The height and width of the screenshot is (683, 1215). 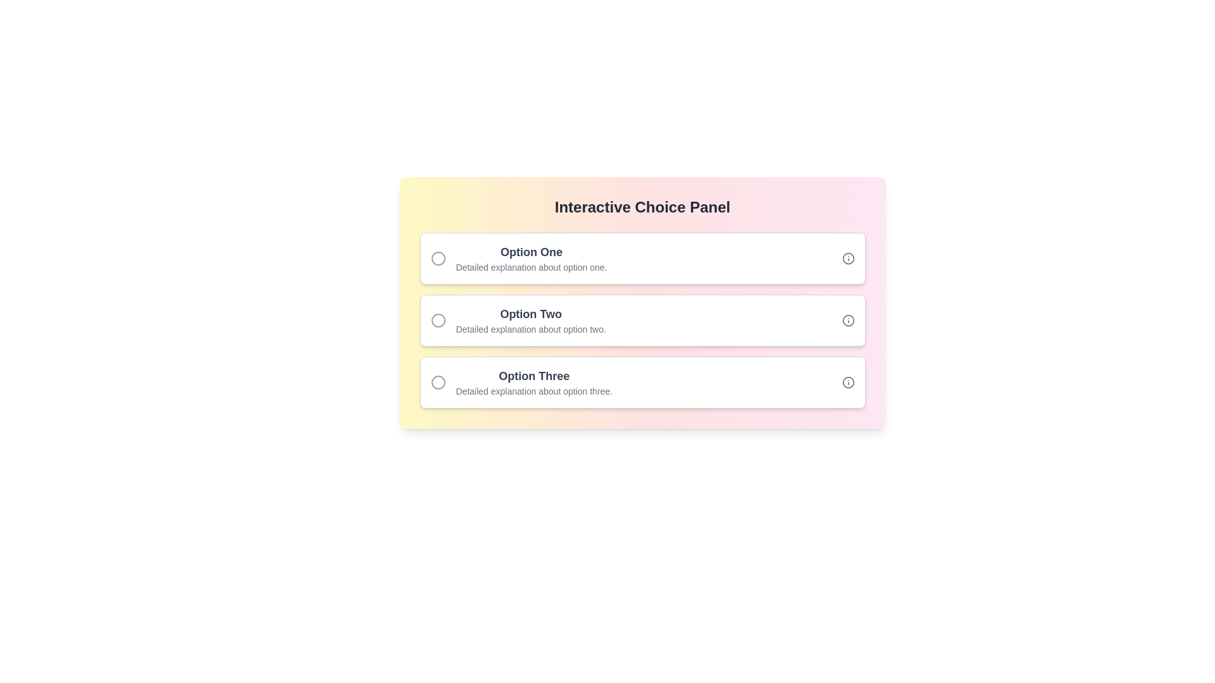 What do you see at coordinates (534, 390) in the screenshot?
I see `the Text Label providing context for 'Option Three' located in the bottom-right quadrant of the interface` at bounding box center [534, 390].